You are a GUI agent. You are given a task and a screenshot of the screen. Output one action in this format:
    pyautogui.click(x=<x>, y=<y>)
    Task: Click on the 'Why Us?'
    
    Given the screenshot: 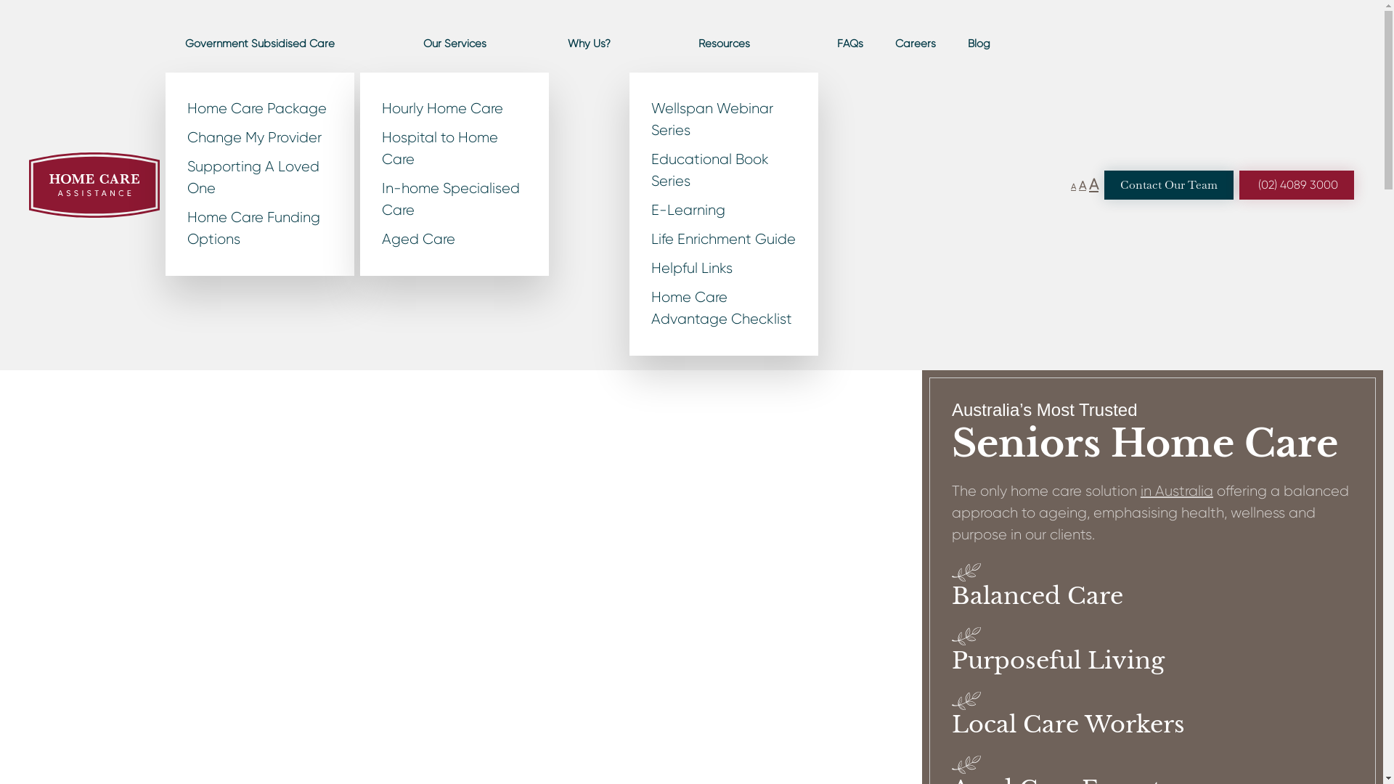 What is the action you would take?
    pyautogui.click(x=589, y=43)
    